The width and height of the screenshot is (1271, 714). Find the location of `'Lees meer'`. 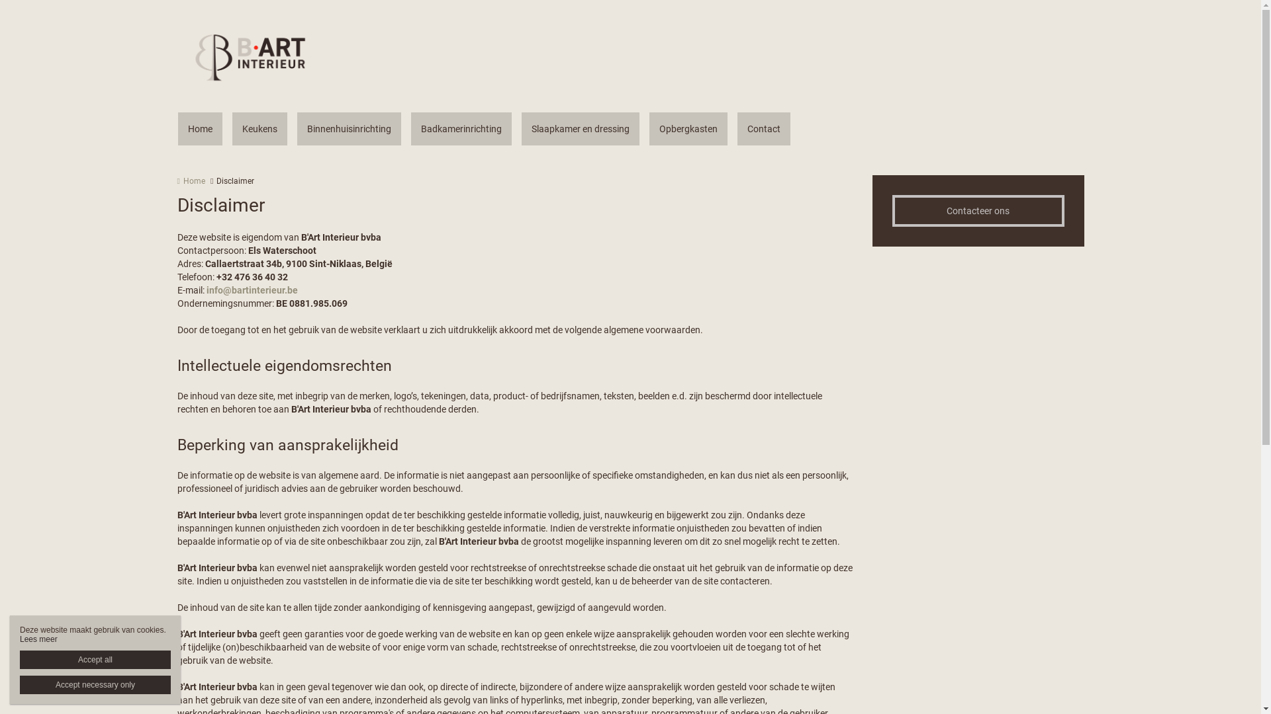

'Lees meer' is located at coordinates (38, 639).